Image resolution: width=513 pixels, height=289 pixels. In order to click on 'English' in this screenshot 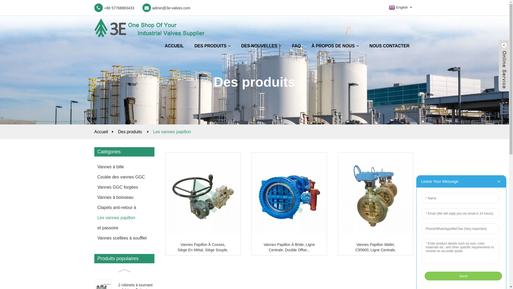, I will do `click(387, 7)`.